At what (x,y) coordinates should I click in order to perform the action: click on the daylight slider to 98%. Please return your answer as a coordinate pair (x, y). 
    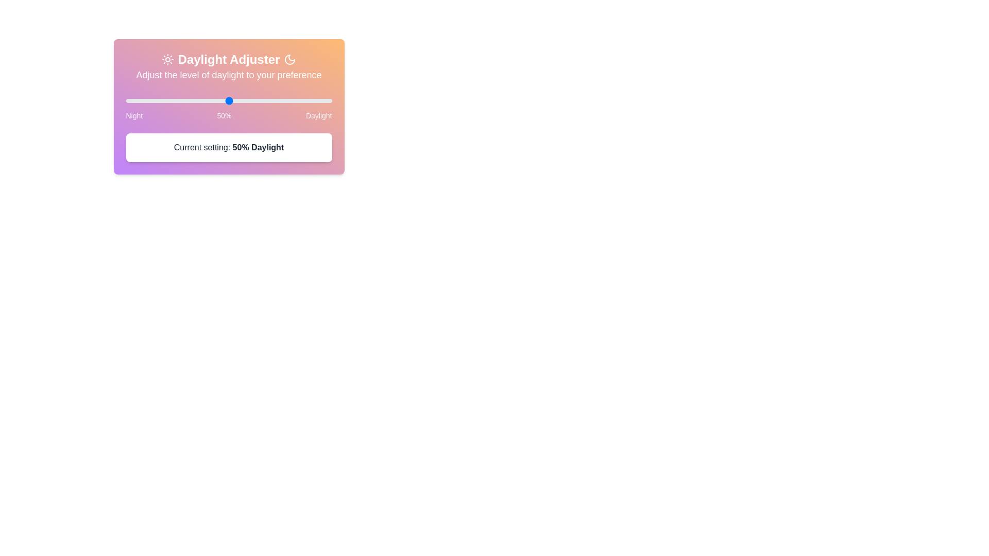
    Looking at the image, I should click on (327, 101).